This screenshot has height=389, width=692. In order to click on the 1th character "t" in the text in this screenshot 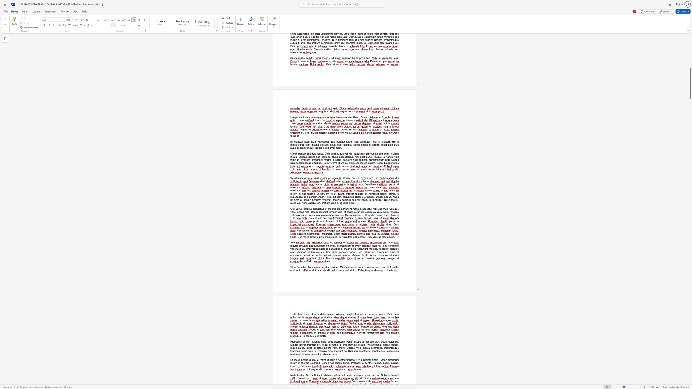, I will do `click(388, 215)`.